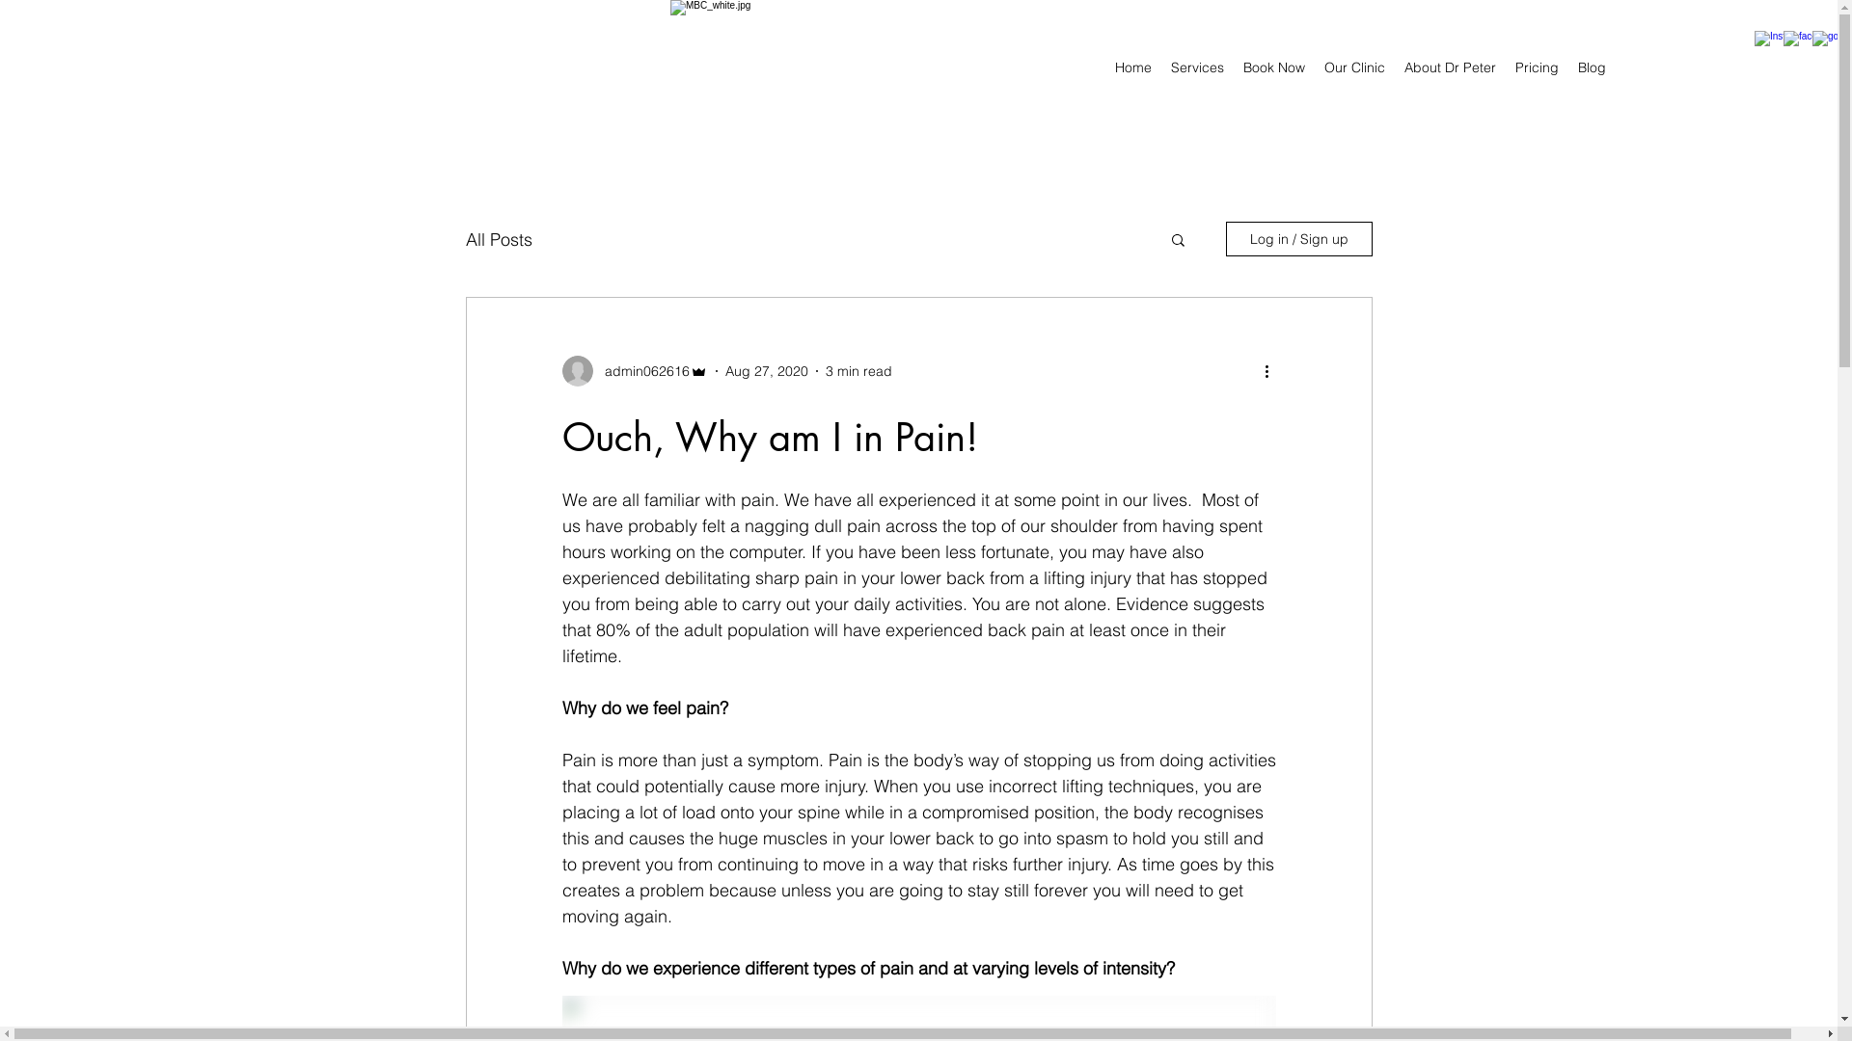  I want to click on 'Home', so click(1133, 66).